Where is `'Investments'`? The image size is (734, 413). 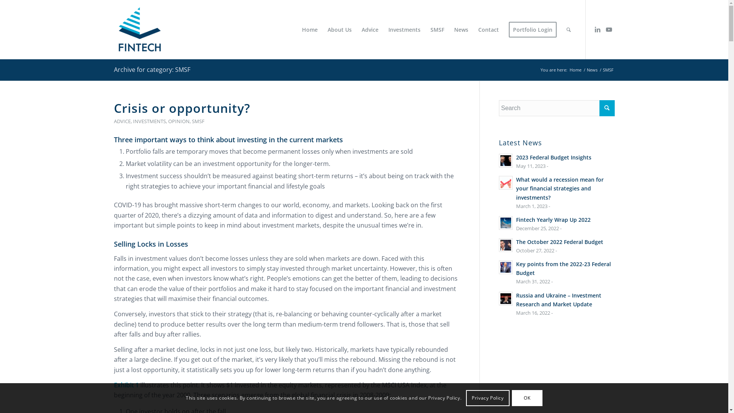 'Investments' is located at coordinates (403, 29).